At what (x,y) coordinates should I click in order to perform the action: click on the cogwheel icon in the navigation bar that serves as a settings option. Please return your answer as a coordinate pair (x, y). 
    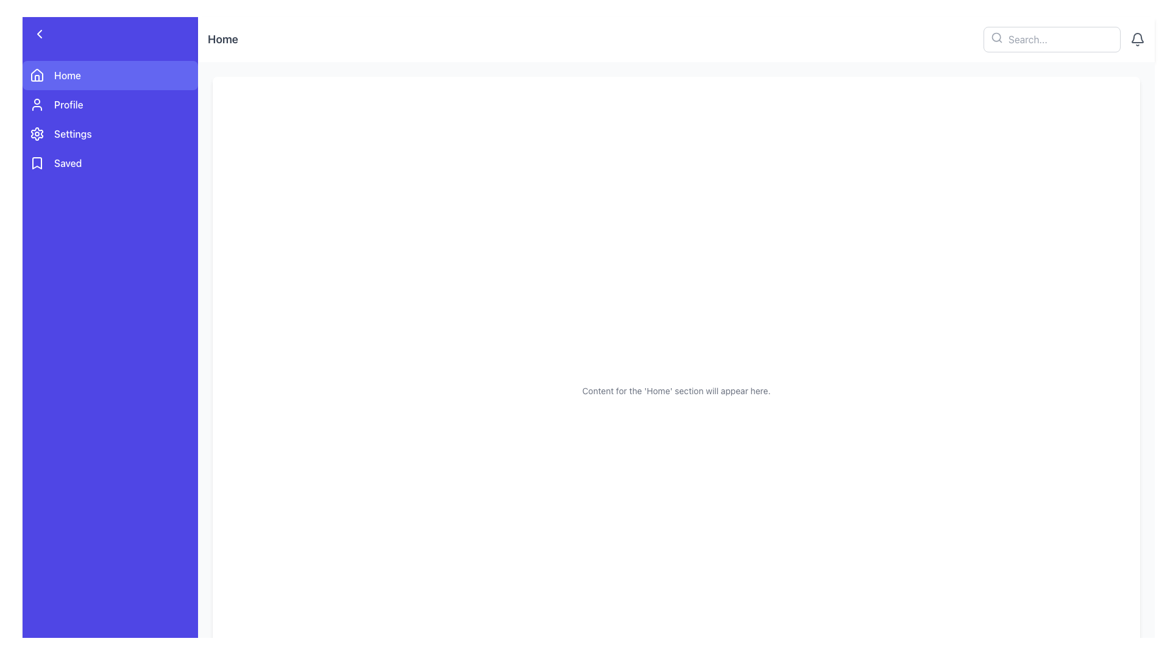
    Looking at the image, I should click on (37, 133).